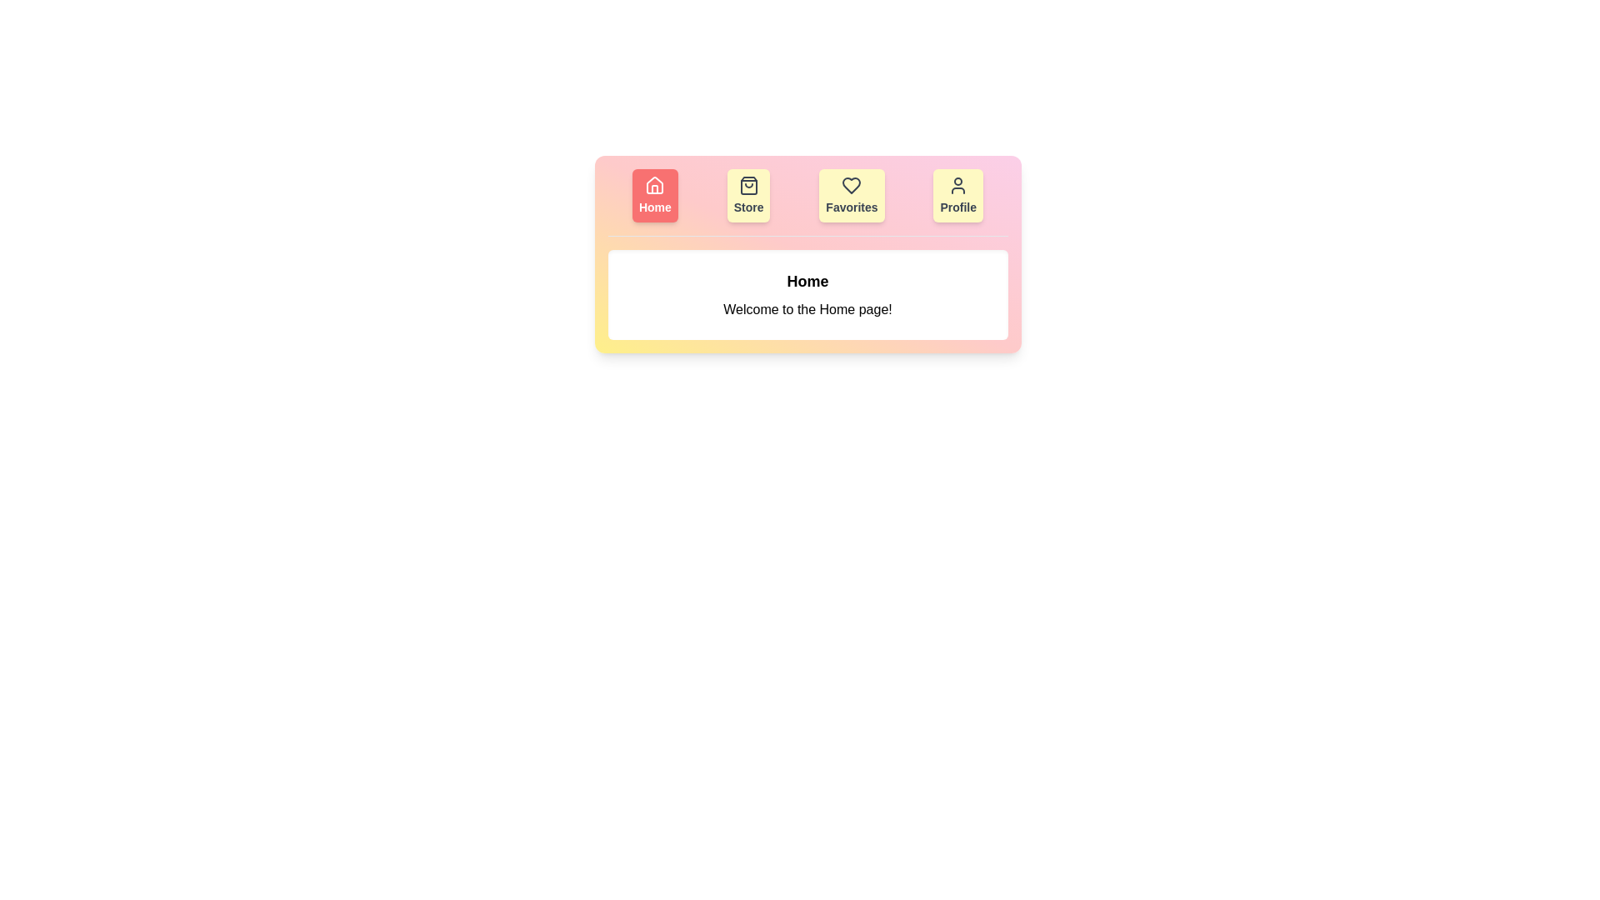 Image resolution: width=1600 pixels, height=900 pixels. What do you see at coordinates (852, 195) in the screenshot?
I see `the tab labeled Favorites to switch to its content` at bounding box center [852, 195].